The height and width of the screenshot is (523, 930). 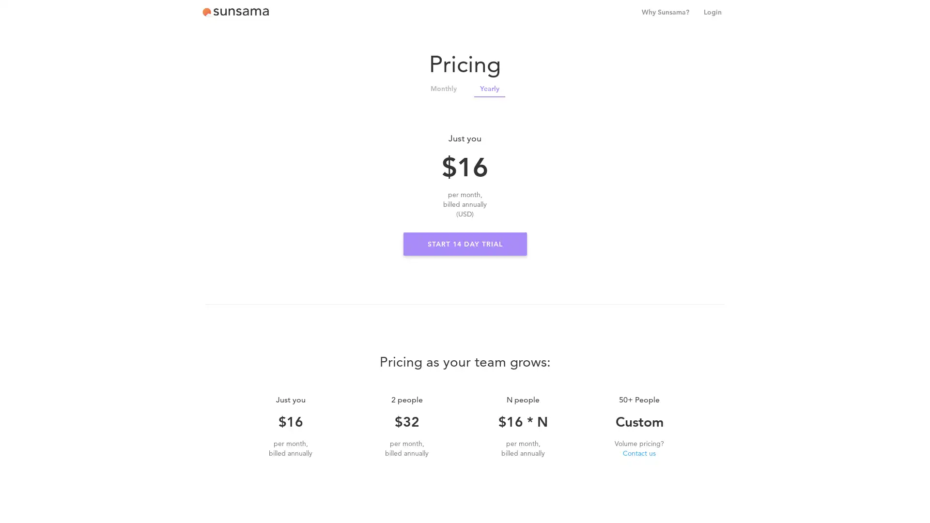 What do you see at coordinates (464, 244) in the screenshot?
I see `START 14 DAY TRIAL` at bounding box center [464, 244].